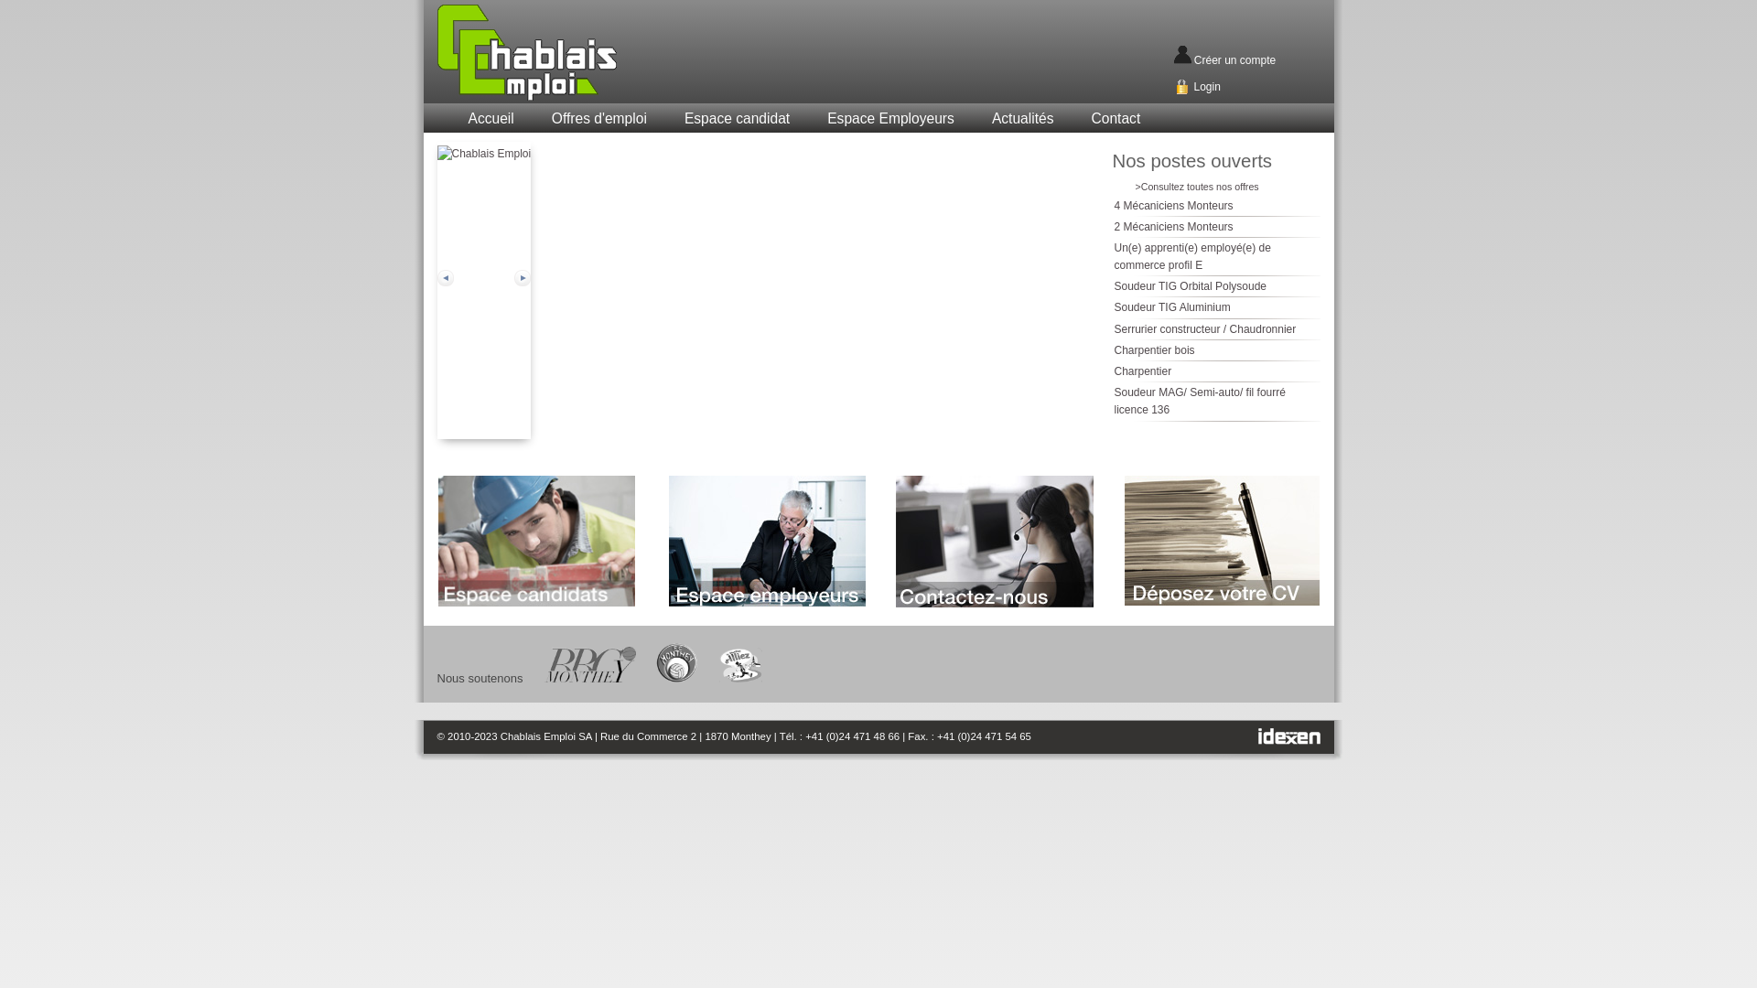  I want to click on 'Serrurier constructeur / Chaudronnier', so click(1205, 328).